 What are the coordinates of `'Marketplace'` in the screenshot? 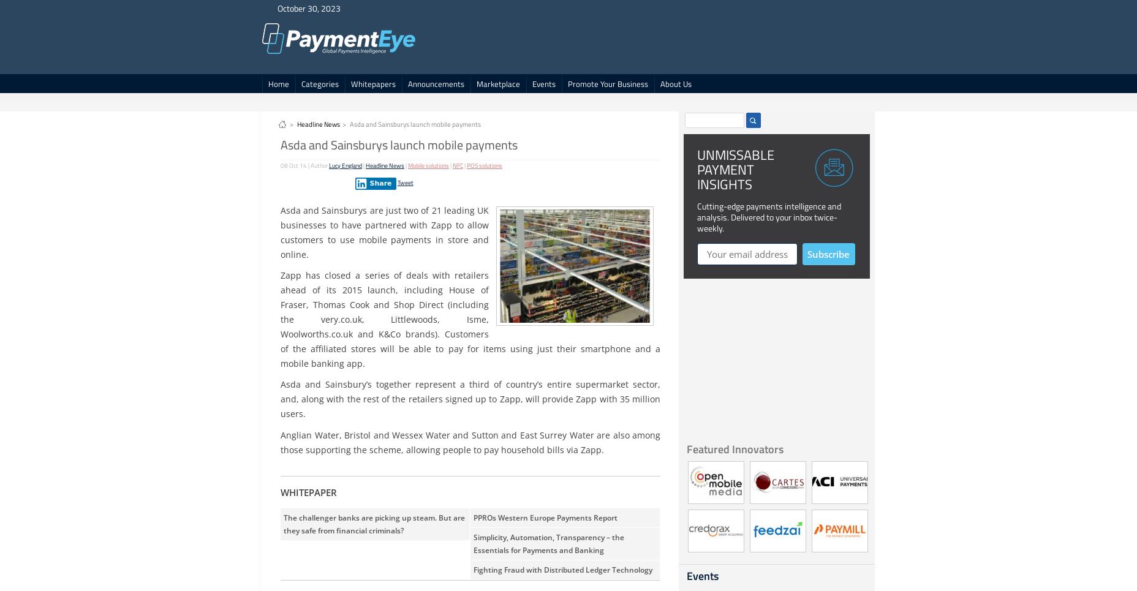 It's located at (498, 84).